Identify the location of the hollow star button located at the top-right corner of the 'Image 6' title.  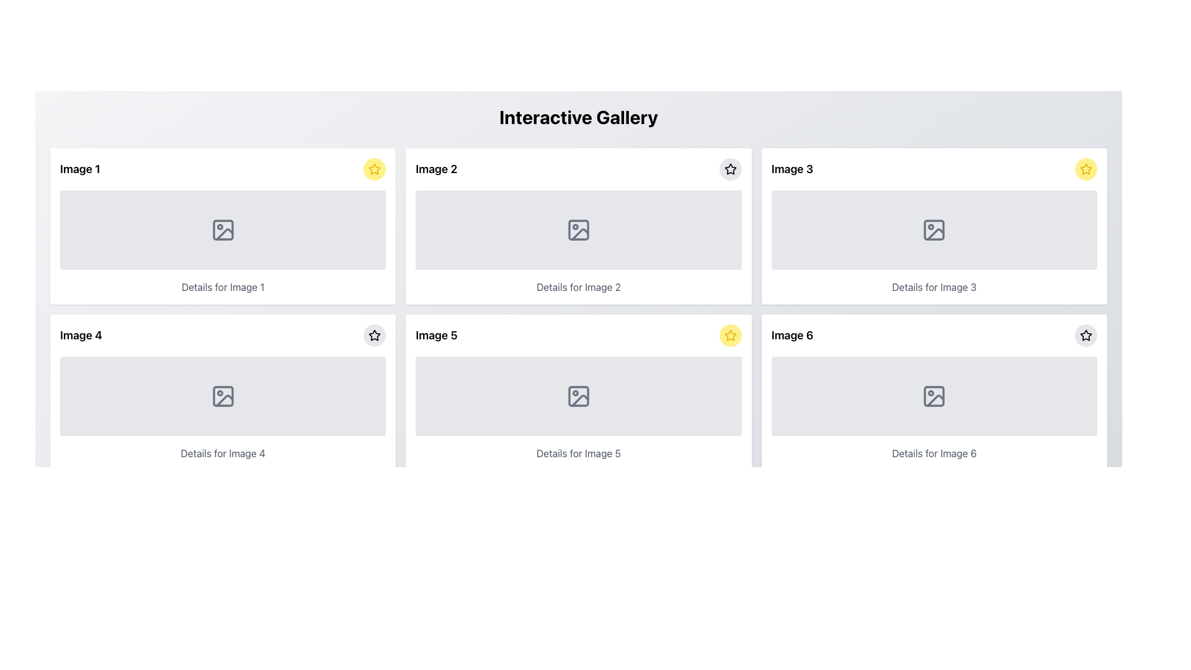
(1086, 335).